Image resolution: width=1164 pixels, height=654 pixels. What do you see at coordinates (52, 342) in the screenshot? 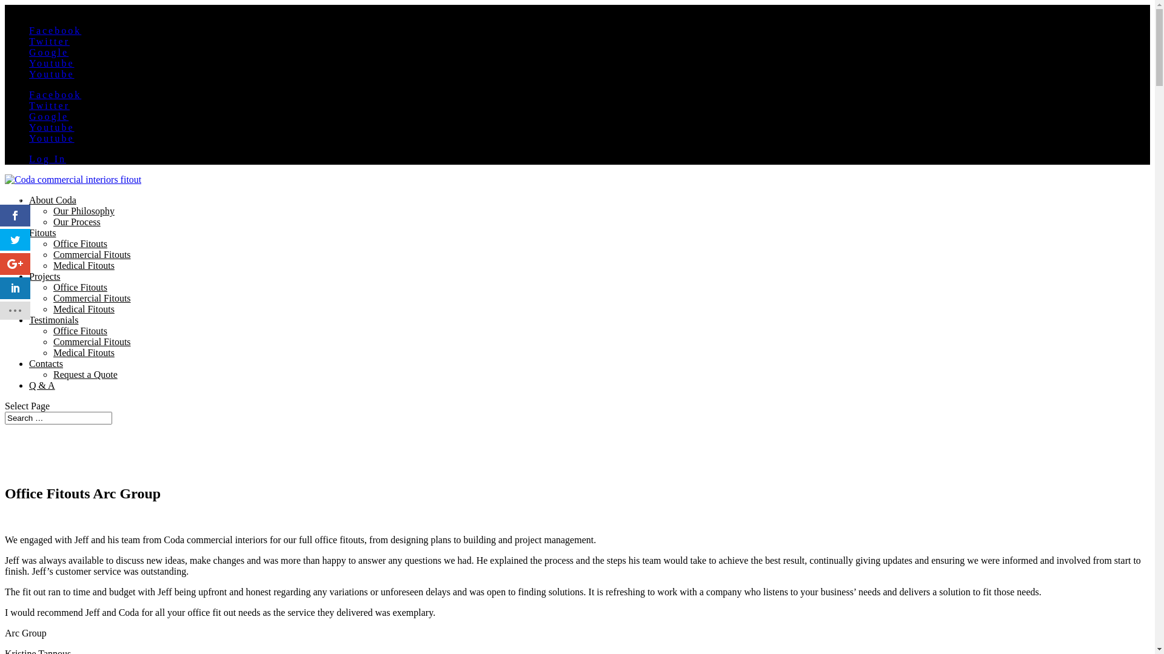
I see `'Commercial Fitouts'` at bounding box center [52, 342].